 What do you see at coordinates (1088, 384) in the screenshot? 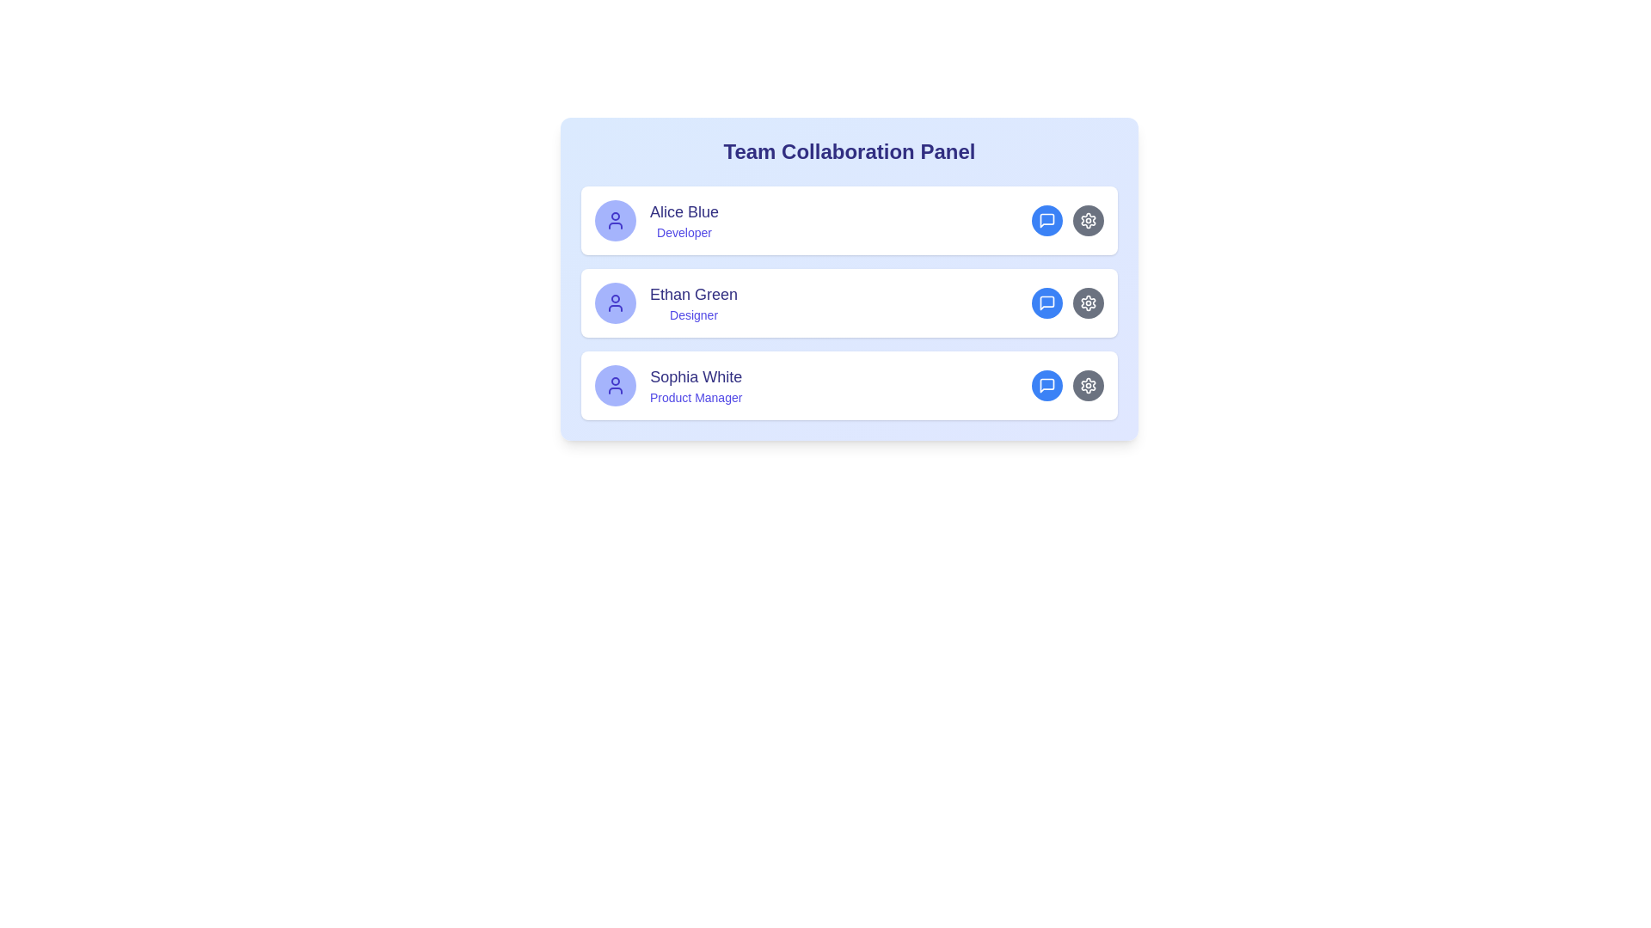
I see `the gear-like settings icon located` at bounding box center [1088, 384].